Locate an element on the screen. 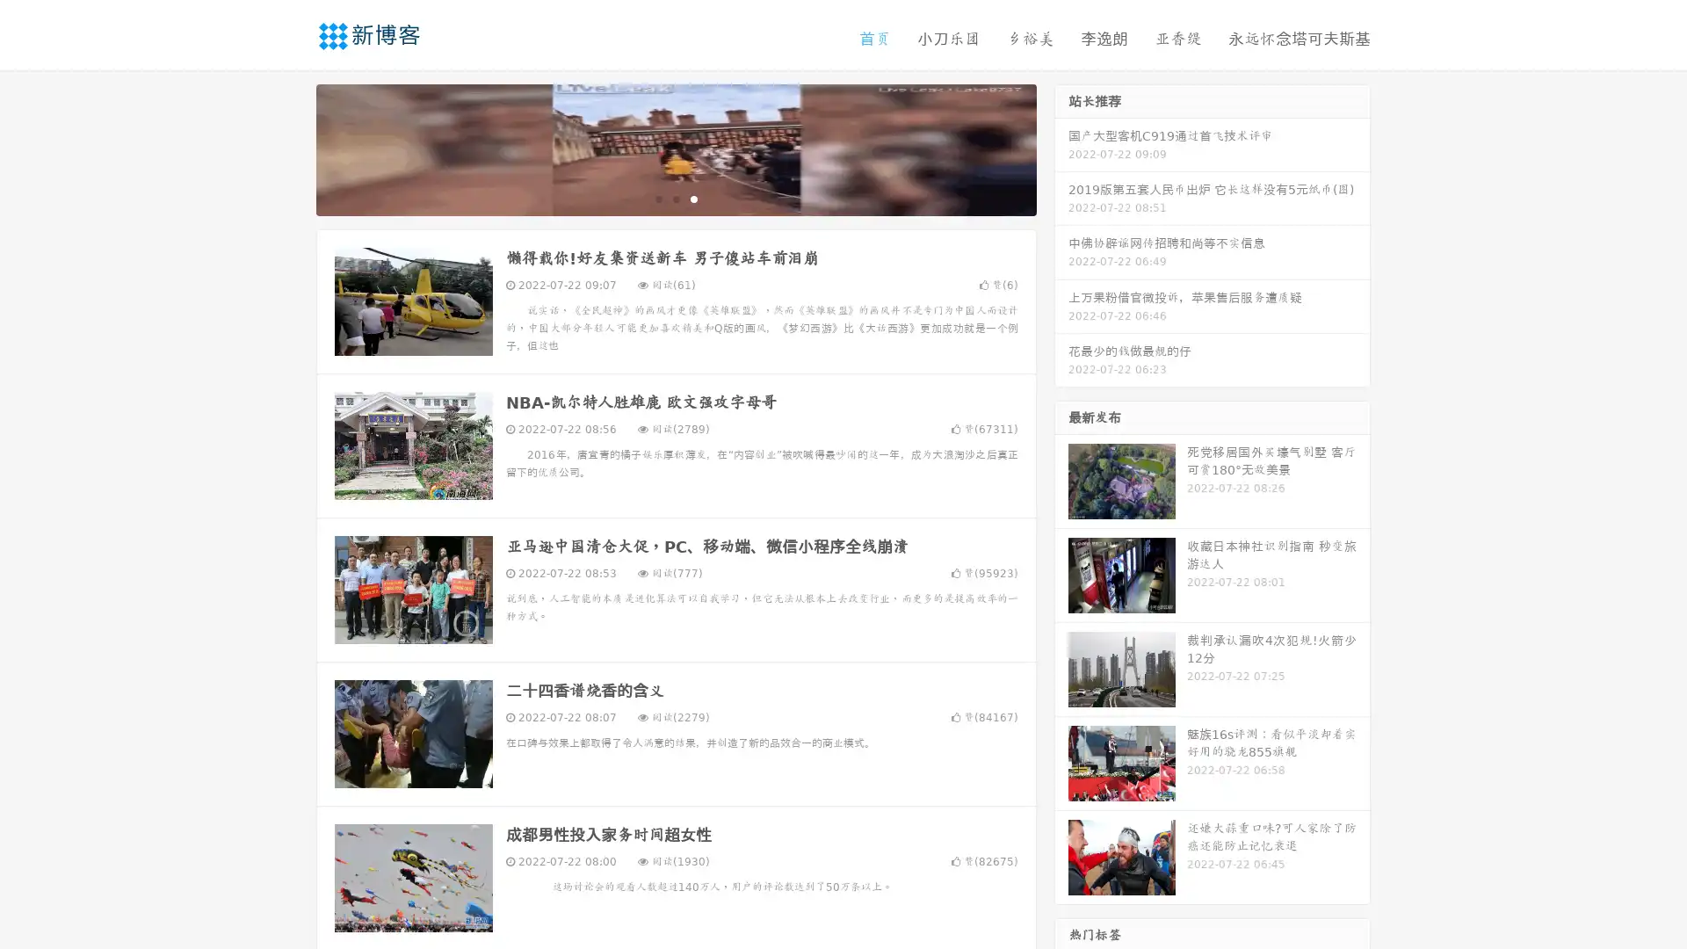 Image resolution: width=1687 pixels, height=949 pixels. Next slide is located at coordinates (1061, 148).